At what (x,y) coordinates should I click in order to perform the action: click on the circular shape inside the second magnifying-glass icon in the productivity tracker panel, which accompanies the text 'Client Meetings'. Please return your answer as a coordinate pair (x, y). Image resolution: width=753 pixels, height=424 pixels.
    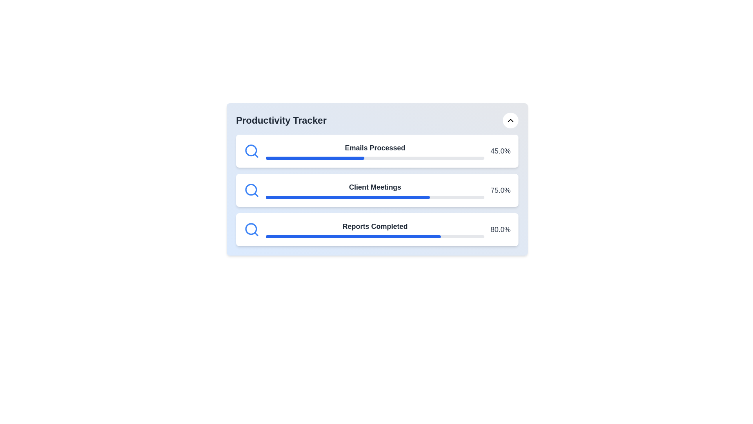
    Looking at the image, I should click on (251, 190).